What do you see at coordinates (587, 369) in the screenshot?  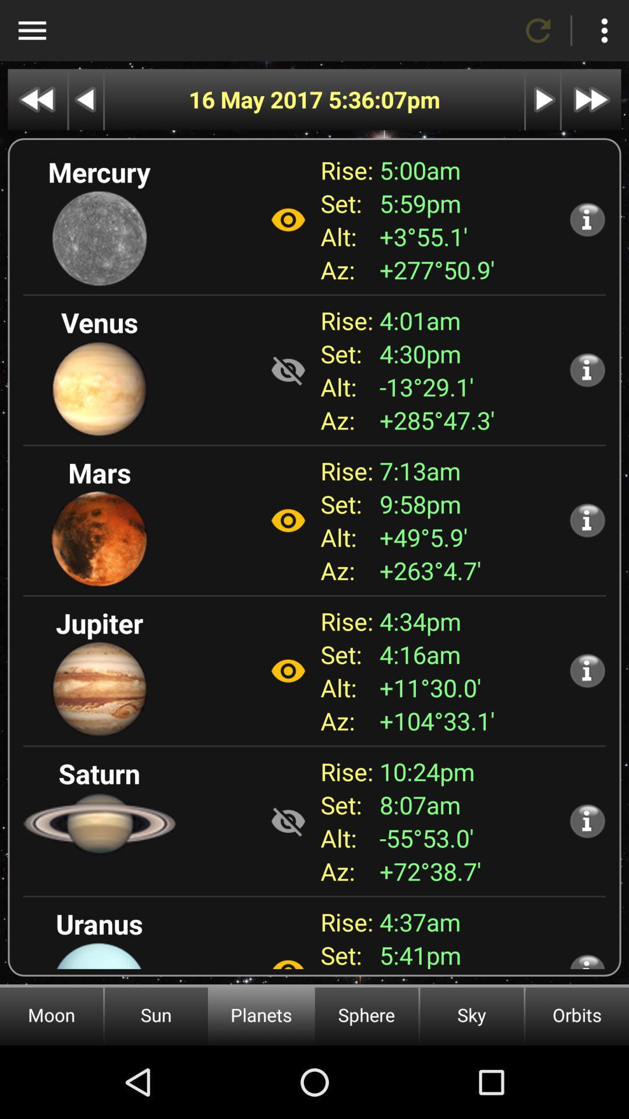 I see `planets-venus information is here` at bounding box center [587, 369].